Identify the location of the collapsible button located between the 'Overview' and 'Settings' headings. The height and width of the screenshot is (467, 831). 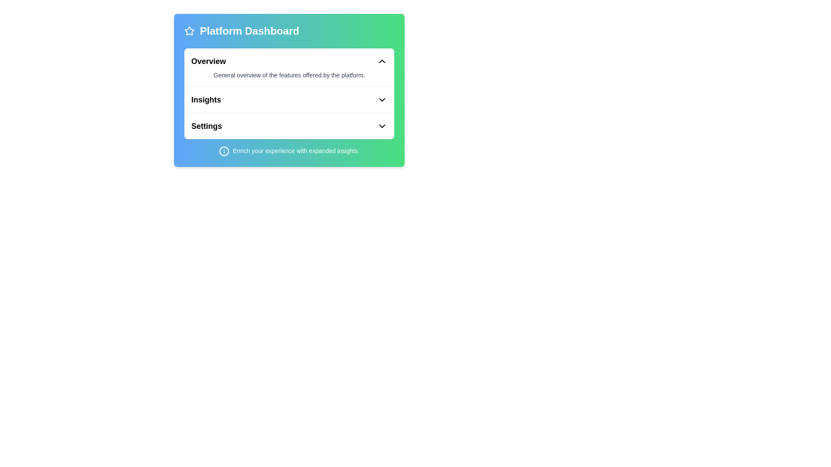
(289, 99).